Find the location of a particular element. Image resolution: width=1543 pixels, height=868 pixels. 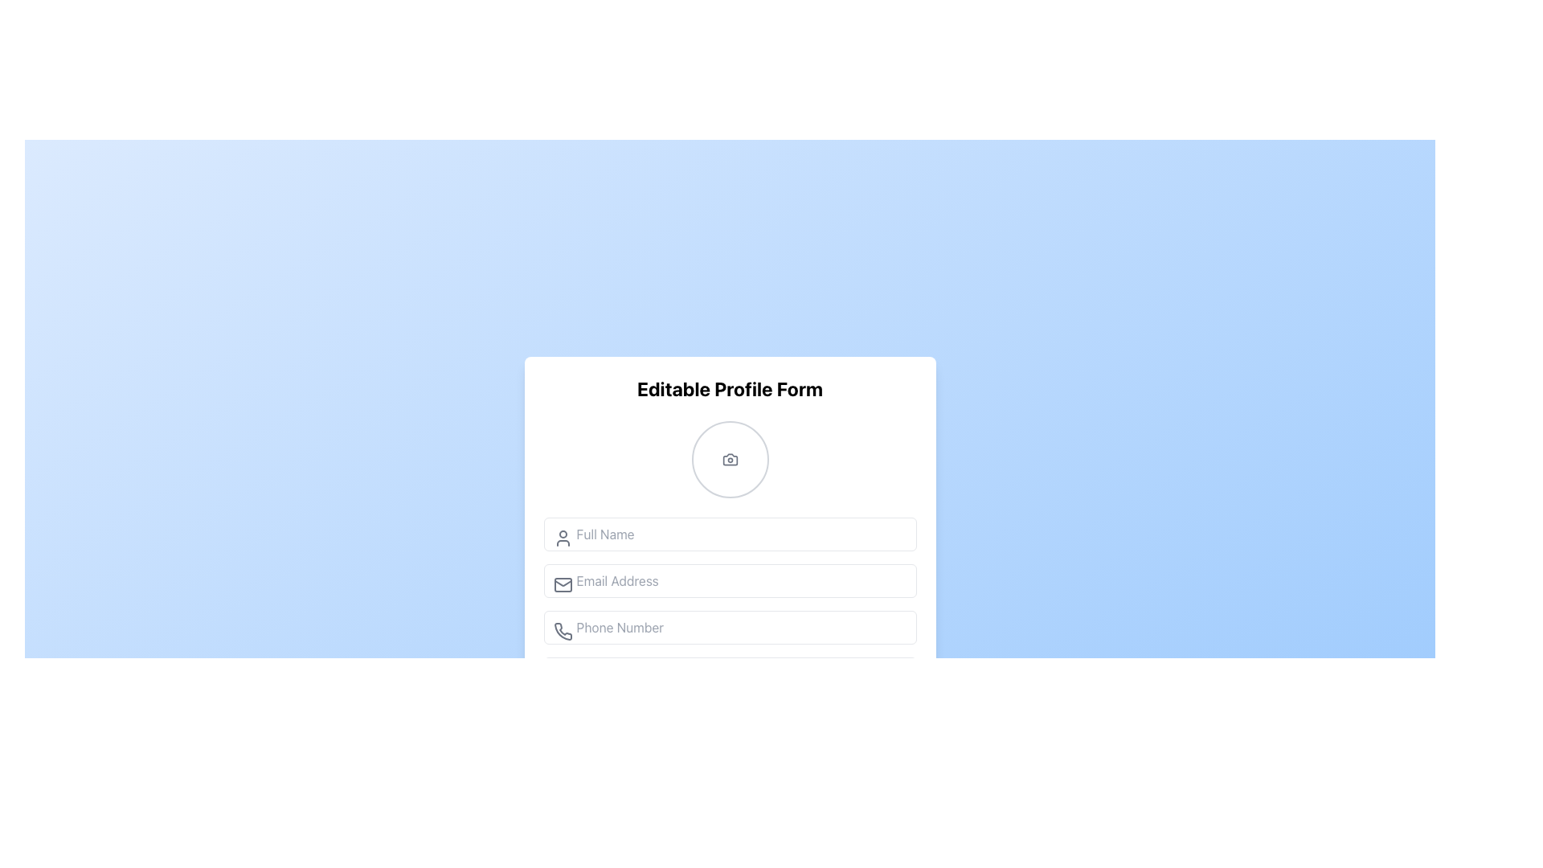

the rectangular shape of the email icon, which is part of the email input field and positioned in the top left corner of the input box is located at coordinates (563, 585).